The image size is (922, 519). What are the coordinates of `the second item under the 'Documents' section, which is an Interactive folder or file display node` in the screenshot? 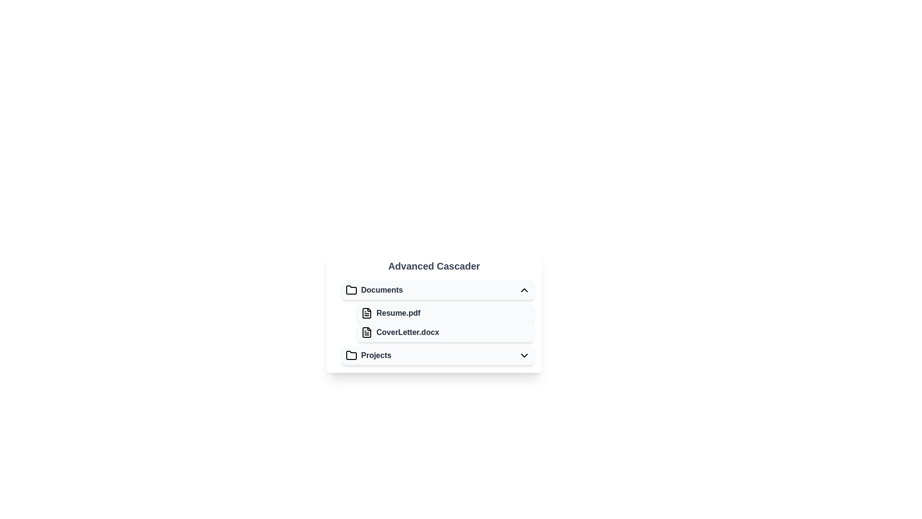 It's located at (433, 312).